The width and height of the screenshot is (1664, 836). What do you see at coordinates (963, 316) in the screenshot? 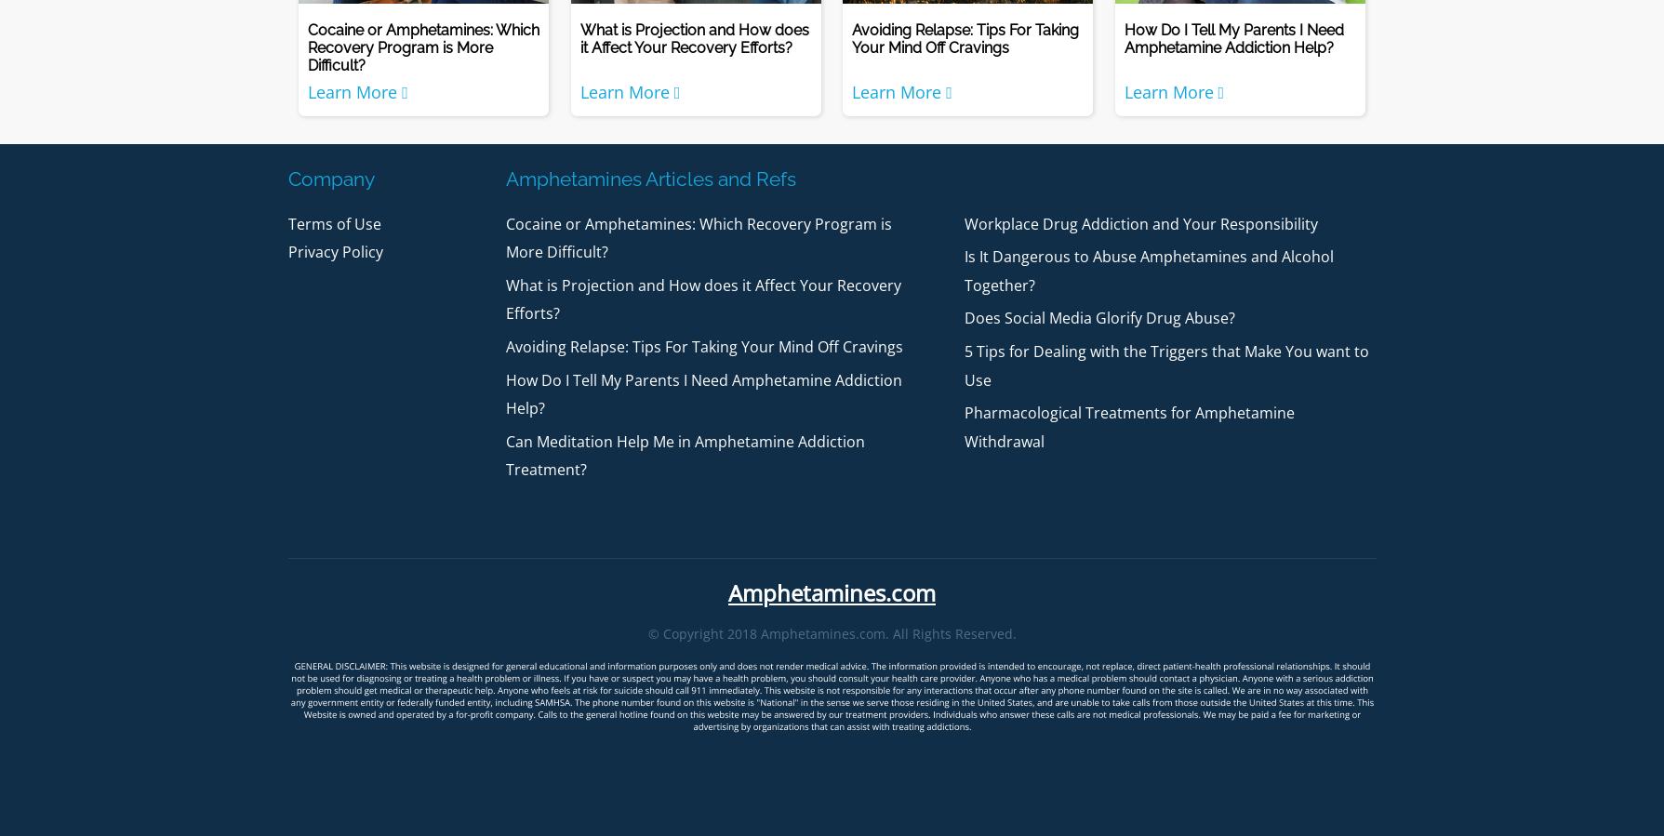
I see `'Does Social Media Glorify Drug Abuse?'` at bounding box center [963, 316].